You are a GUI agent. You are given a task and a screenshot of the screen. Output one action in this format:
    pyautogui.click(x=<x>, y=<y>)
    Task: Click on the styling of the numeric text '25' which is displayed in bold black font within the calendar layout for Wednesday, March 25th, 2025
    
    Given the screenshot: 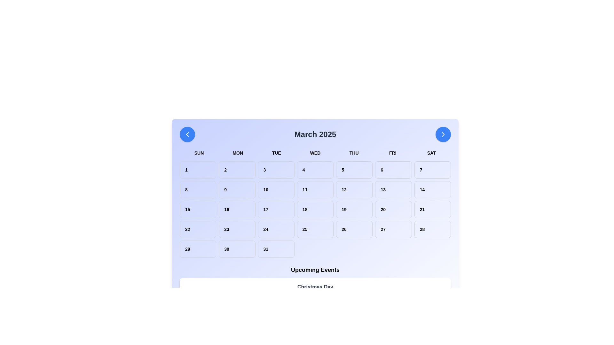 What is the action you would take?
    pyautogui.click(x=315, y=229)
    